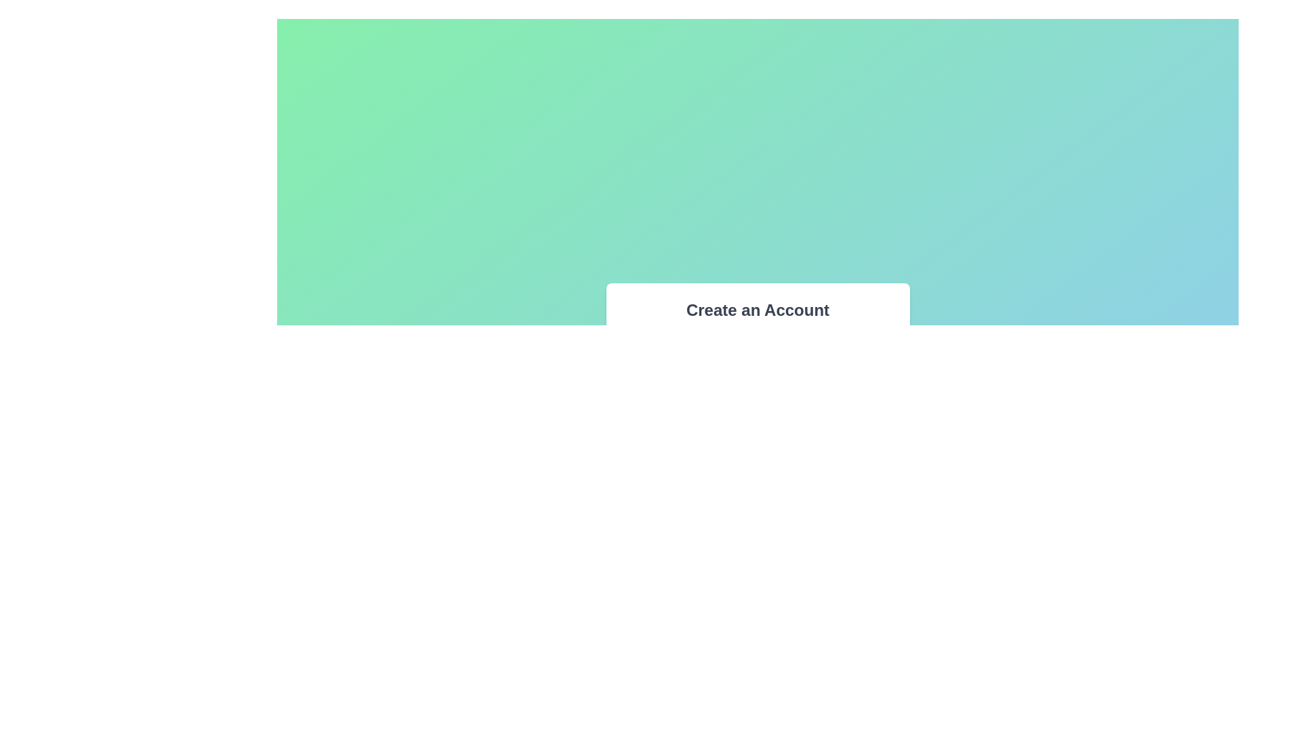 Image resolution: width=1301 pixels, height=732 pixels. Describe the element at coordinates (757, 310) in the screenshot. I see `the title text label that indicates the purpose of the account creation form, positioned at the top of the form interface` at that location.